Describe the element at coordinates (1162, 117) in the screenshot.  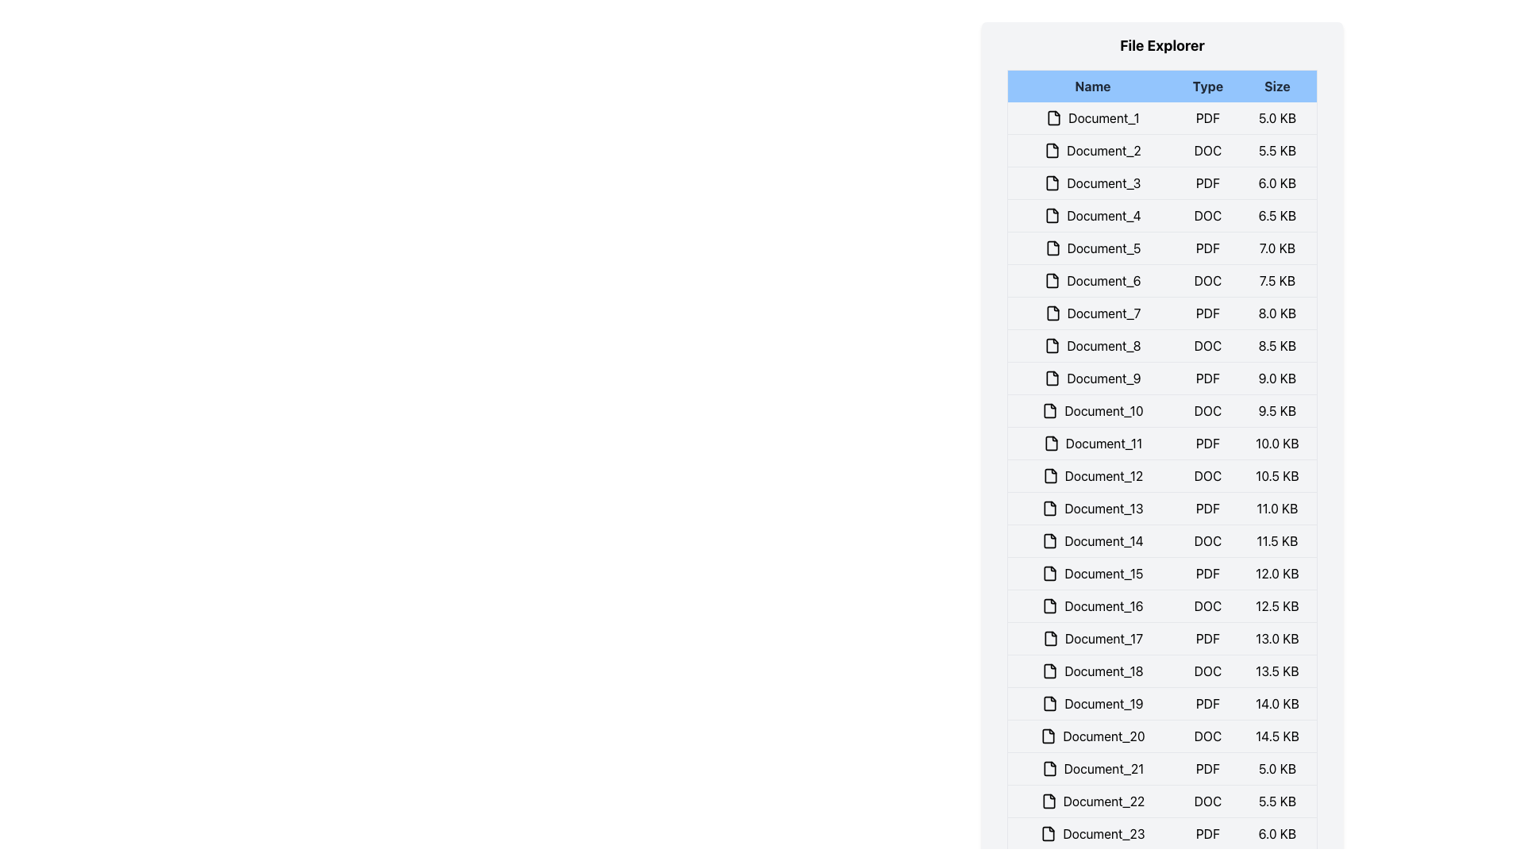
I see `the first table row in the file explorer` at that location.